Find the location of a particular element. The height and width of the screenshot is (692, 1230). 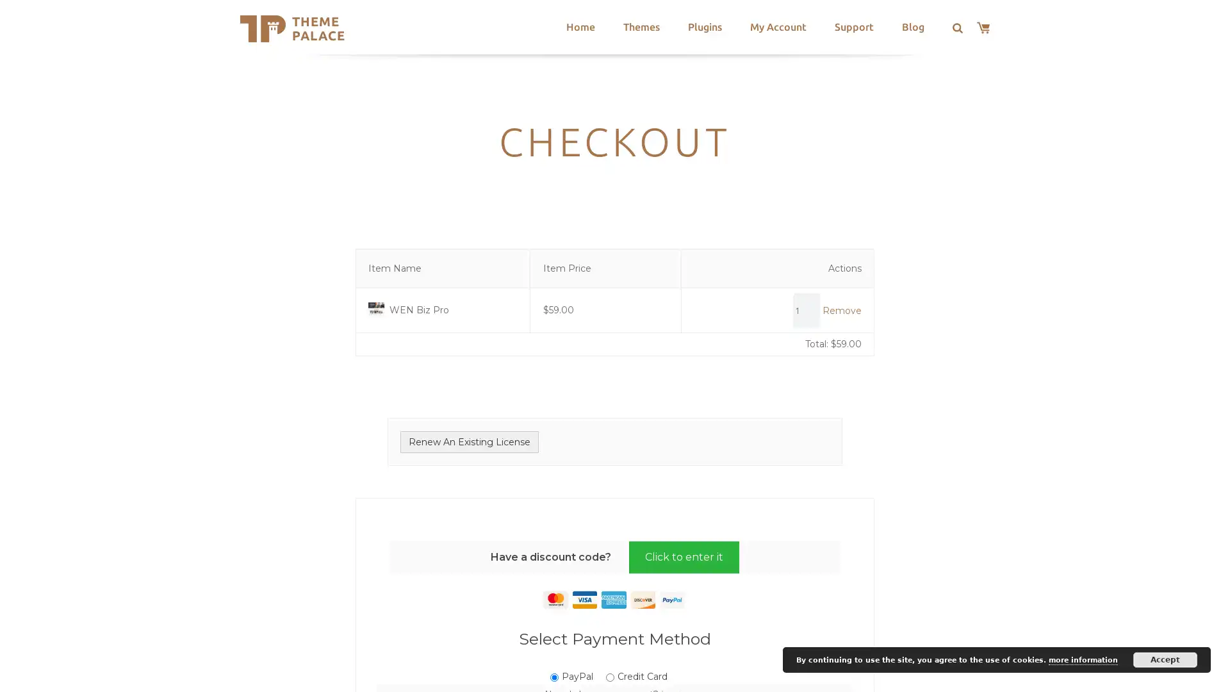

Renew An Existing License is located at coordinates (469, 441).